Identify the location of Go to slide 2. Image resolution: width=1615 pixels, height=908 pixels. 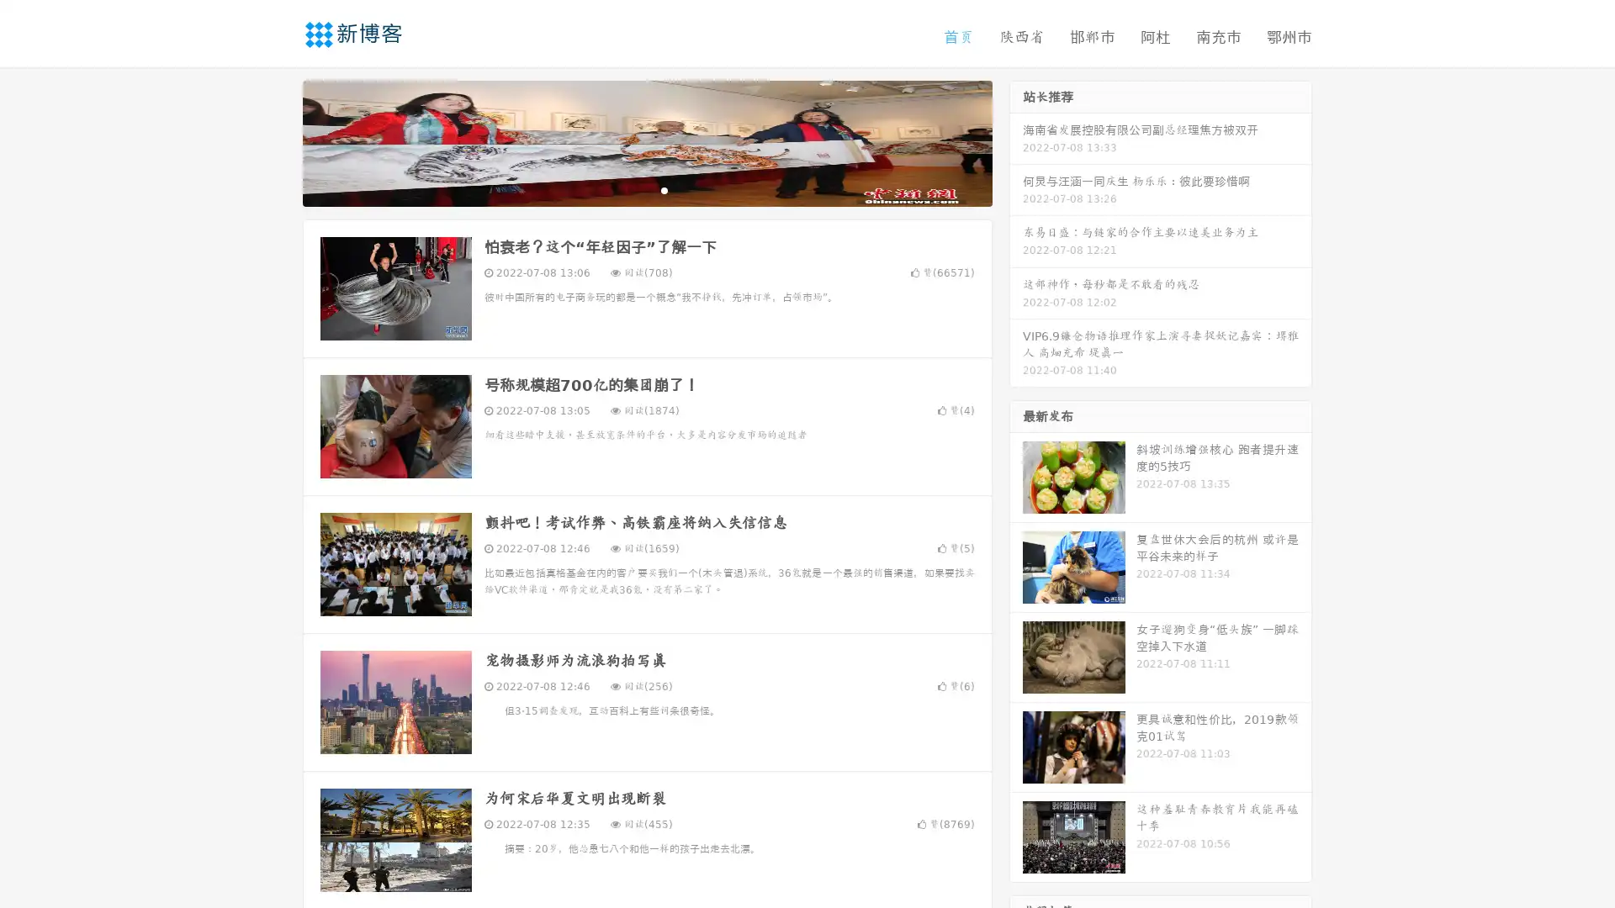
(646, 189).